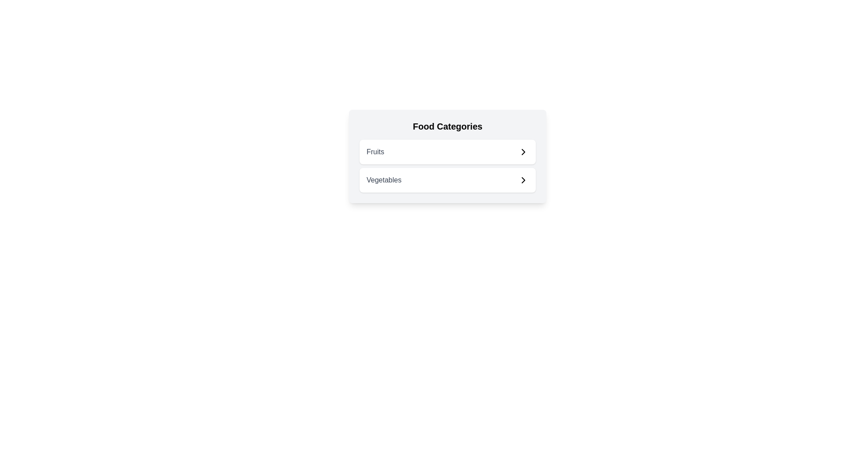 The width and height of the screenshot is (846, 476). Describe the element at coordinates (384, 179) in the screenshot. I see `the 'Vegetables' label text for navigation located` at that location.